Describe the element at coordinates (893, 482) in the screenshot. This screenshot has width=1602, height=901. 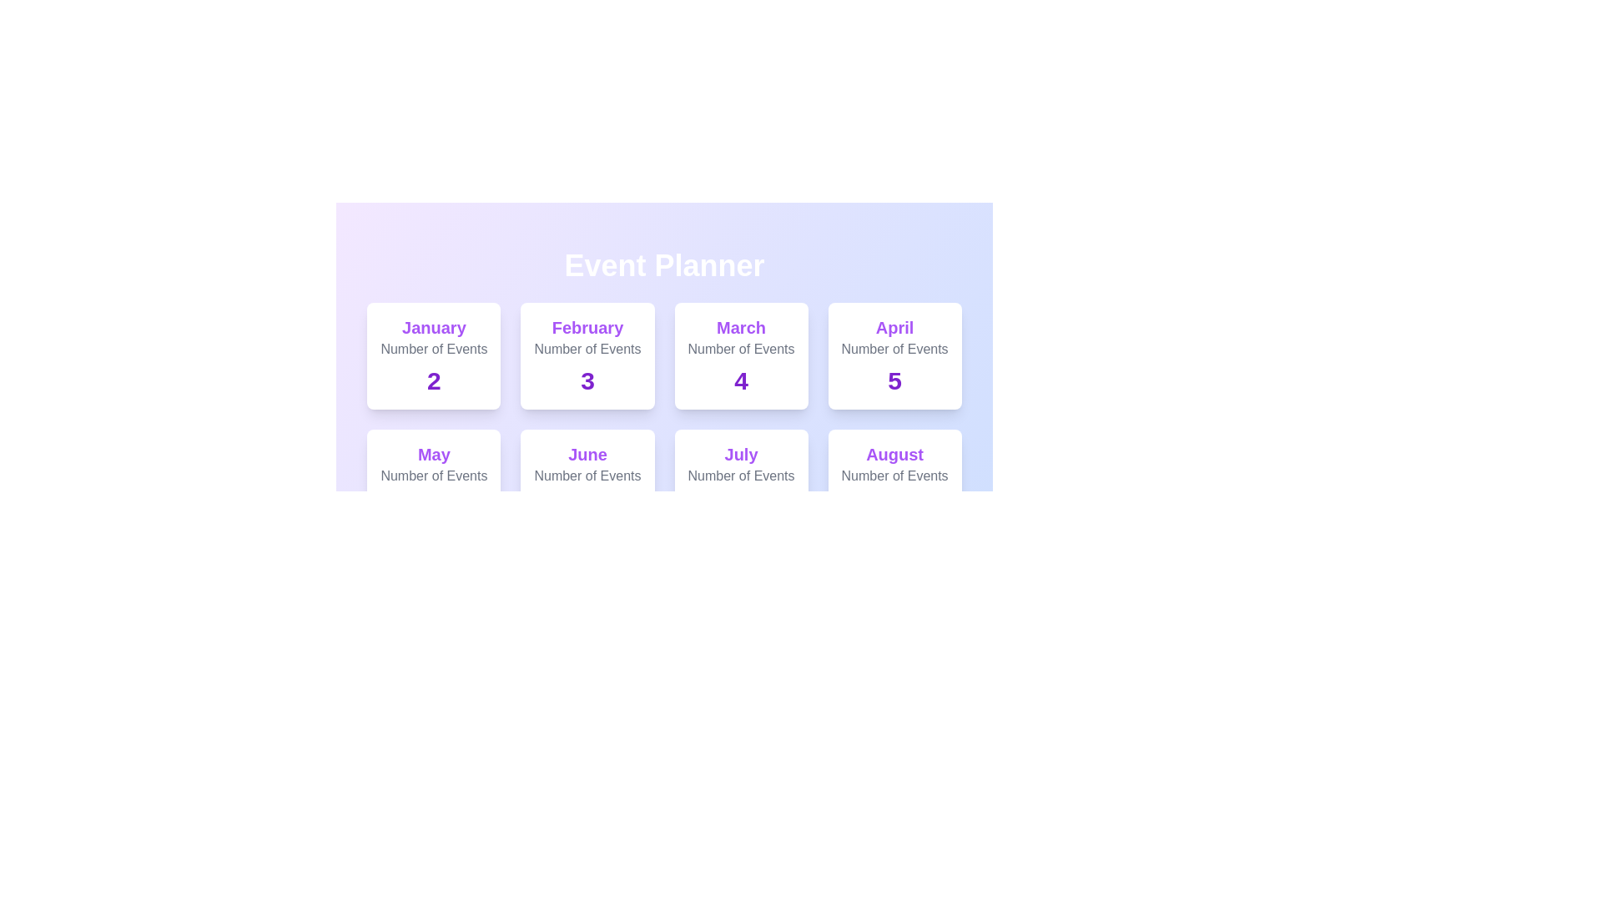
I see `the card for August` at that location.